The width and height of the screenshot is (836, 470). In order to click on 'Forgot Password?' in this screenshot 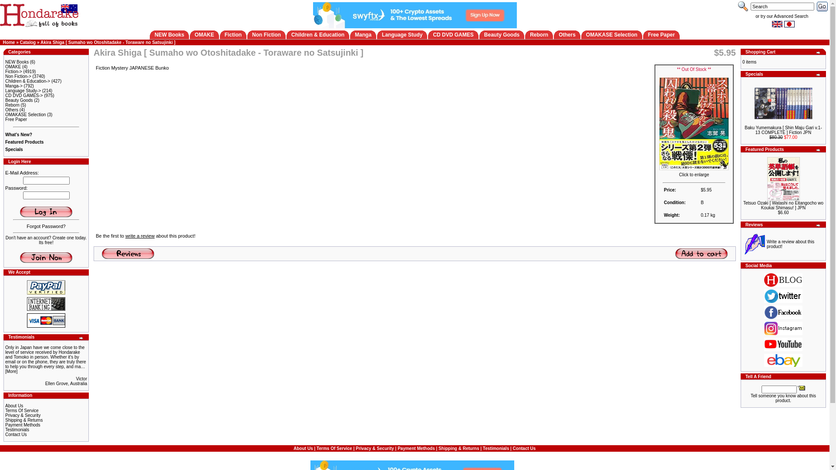, I will do `click(45, 226)`.